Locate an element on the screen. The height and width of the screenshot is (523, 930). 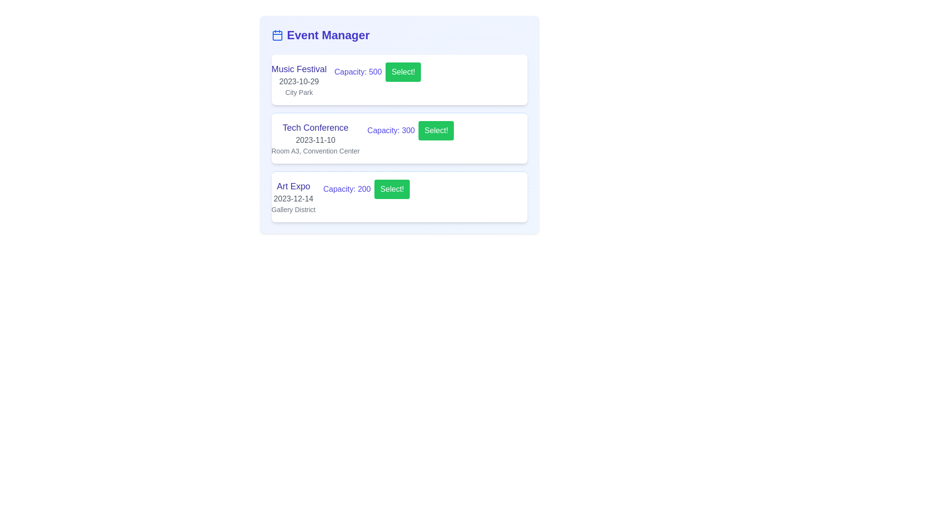
the associated icon in the 'Event Manager' header, which features a blue calendar icon to the left of the bold text is located at coordinates (399, 35).